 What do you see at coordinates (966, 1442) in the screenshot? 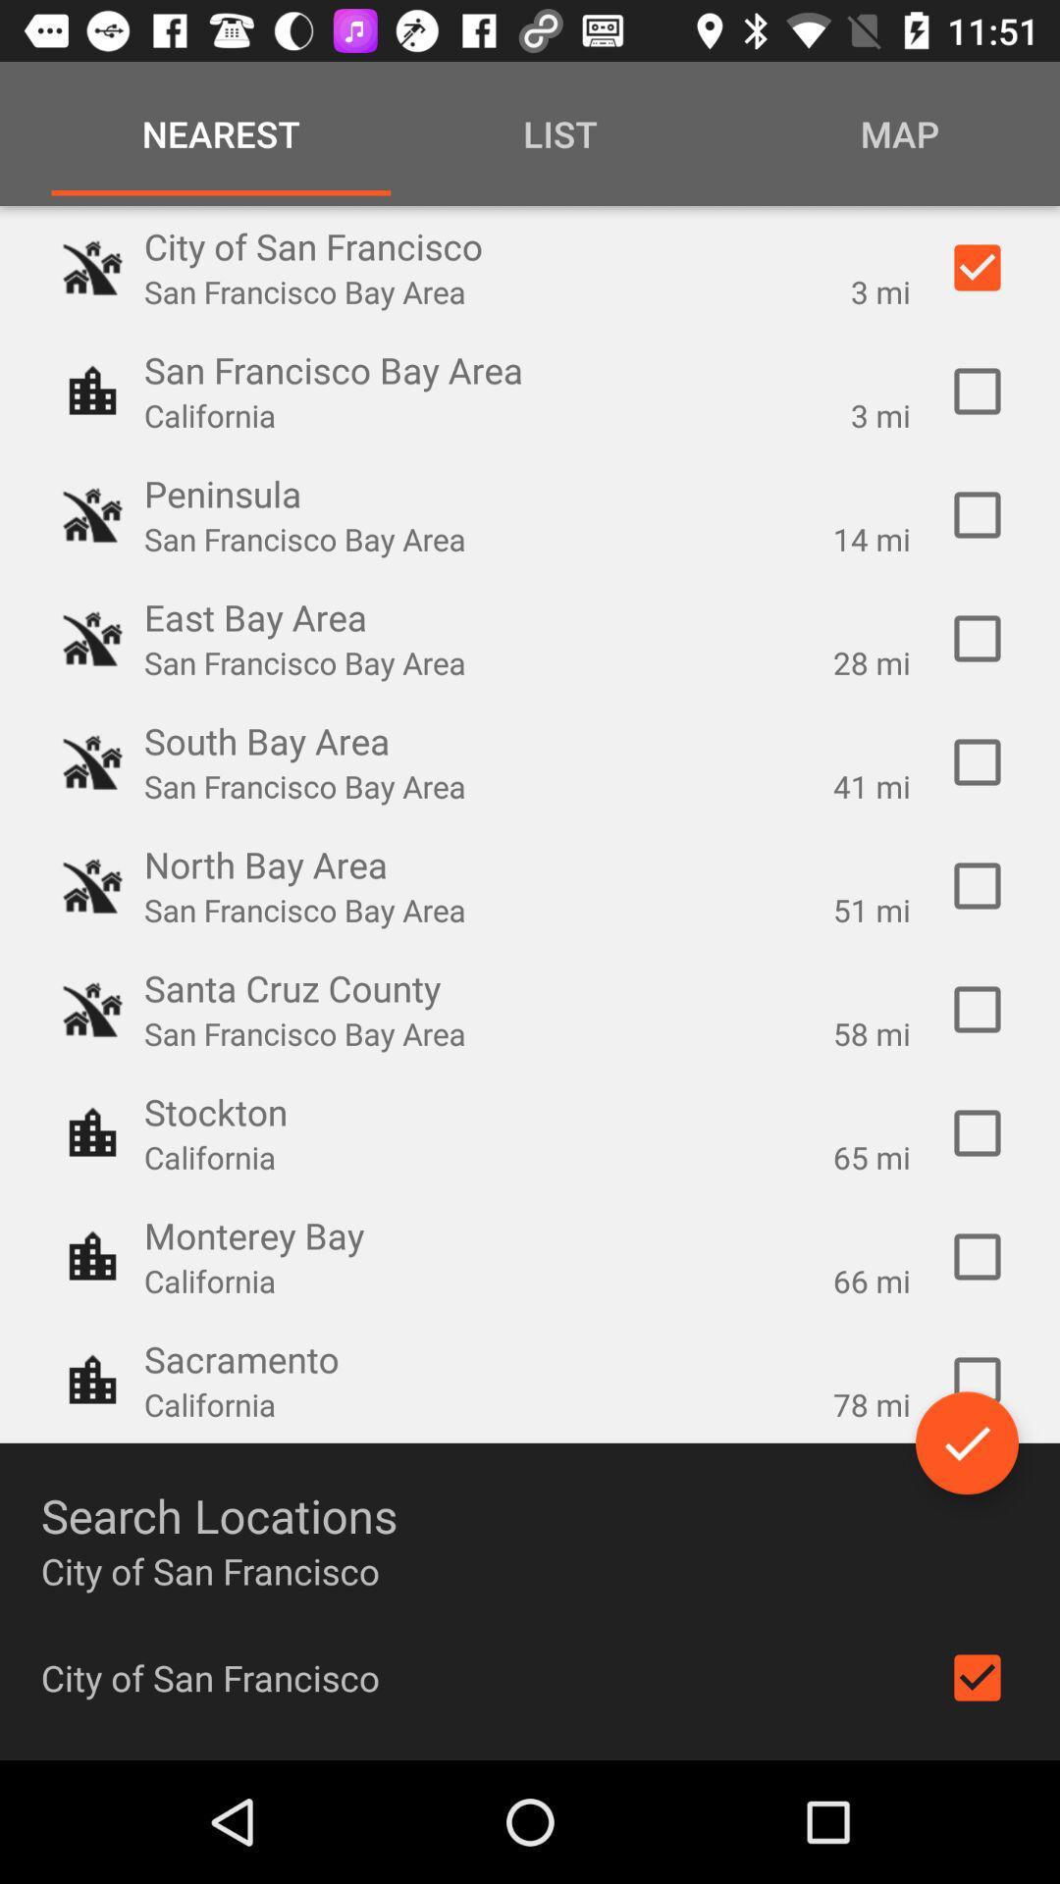
I see `check all` at bounding box center [966, 1442].